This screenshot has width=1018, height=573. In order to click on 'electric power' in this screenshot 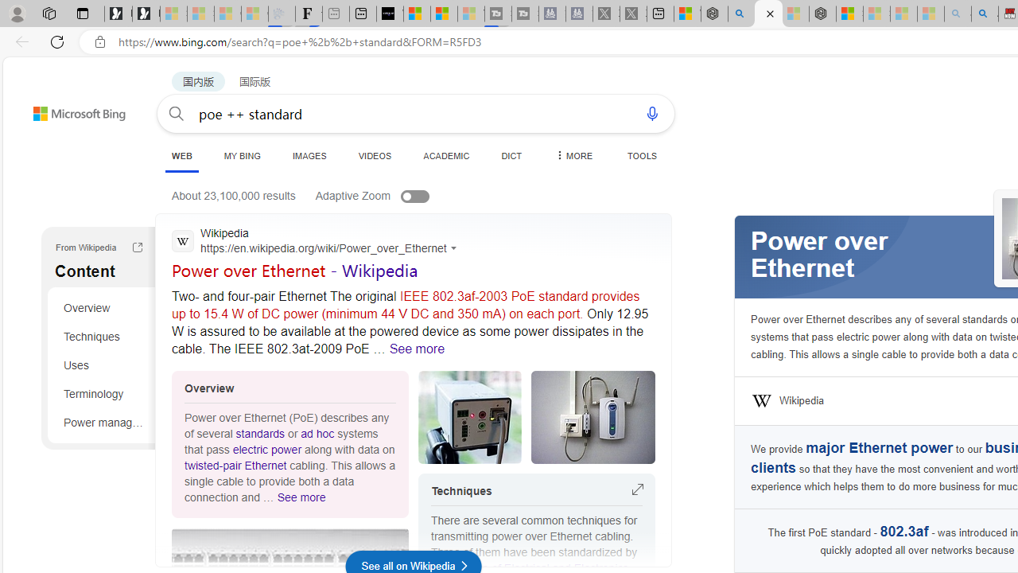, I will do `click(267, 450)`.